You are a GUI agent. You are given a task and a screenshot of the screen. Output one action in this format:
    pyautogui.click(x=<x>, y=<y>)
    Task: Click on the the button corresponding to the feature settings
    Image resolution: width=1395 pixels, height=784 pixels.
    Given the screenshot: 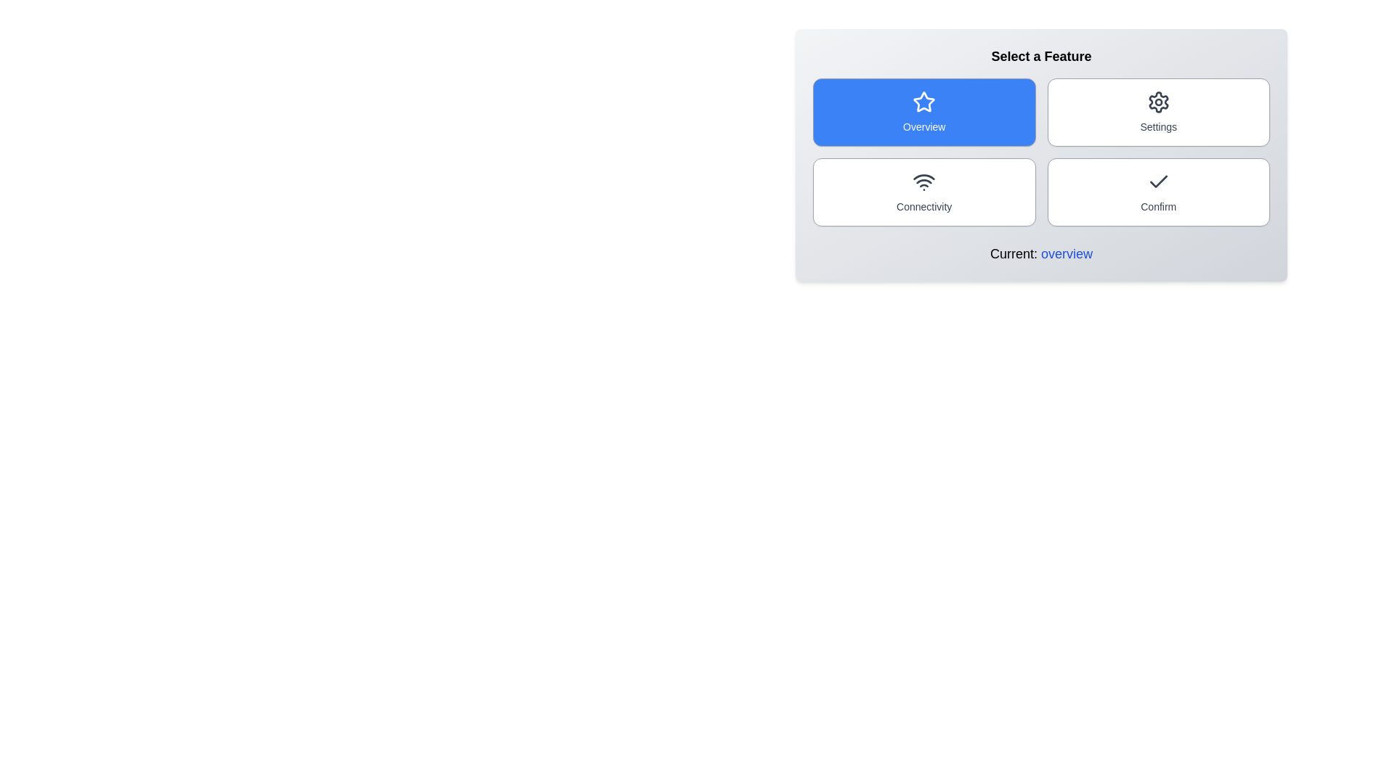 What is the action you would take?
    pyautogui.click(x=1157, y=111)
    